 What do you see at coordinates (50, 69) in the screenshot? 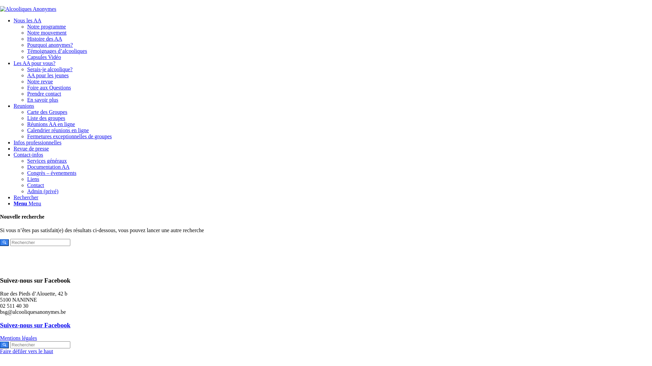
I see `'Serais-je alcoolique?'` at bounding box center [50, 69].